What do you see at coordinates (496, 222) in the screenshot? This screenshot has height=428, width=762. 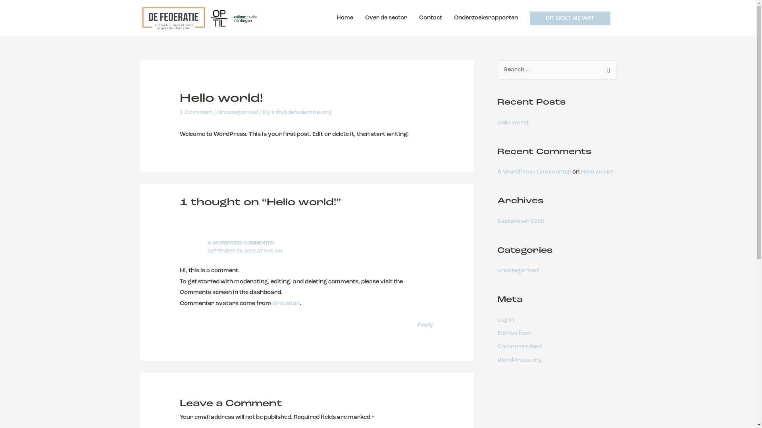 I see `'September 2020'` at bounding box center [496, 222].